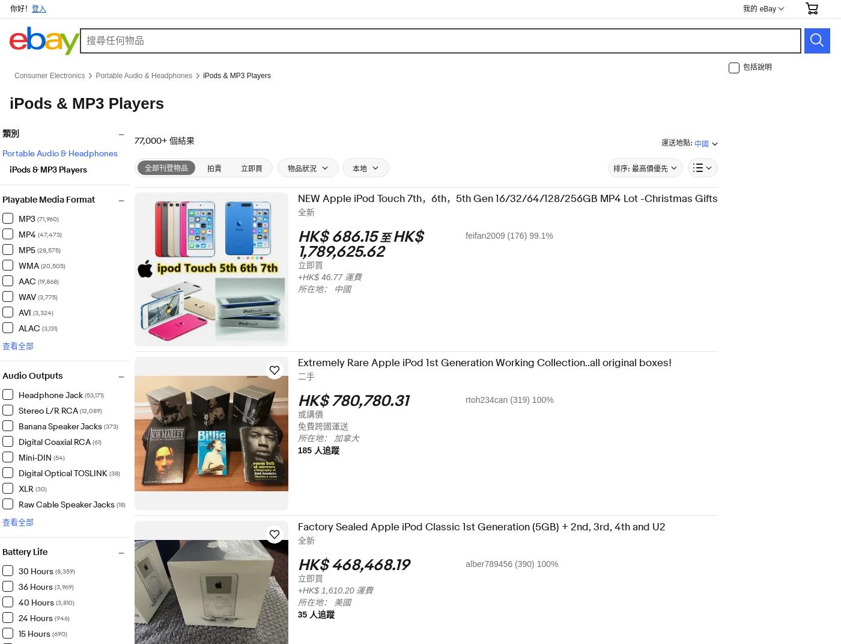 This screenshot has height=644, width=841. Describe the element at coordinates (58, 393) in the screenshot. I see `'Headphone Jack'` at that location.